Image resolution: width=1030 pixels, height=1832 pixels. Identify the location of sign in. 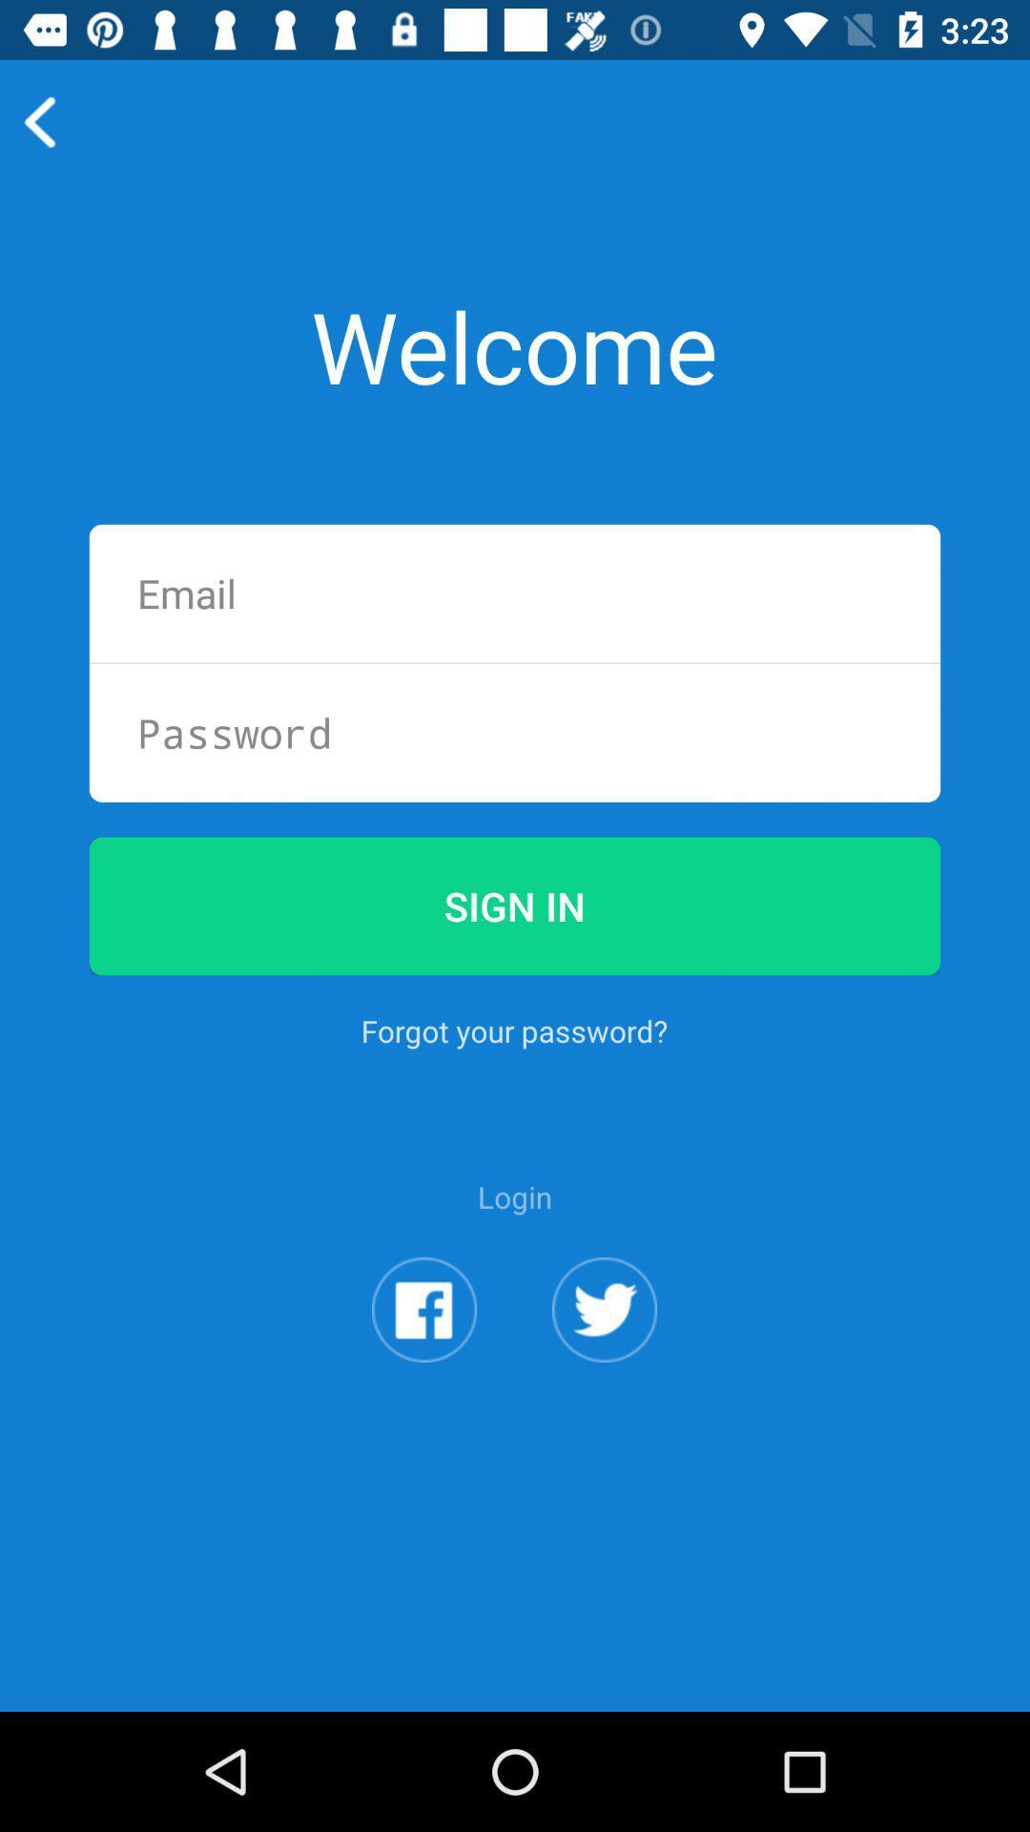
(515, 905).